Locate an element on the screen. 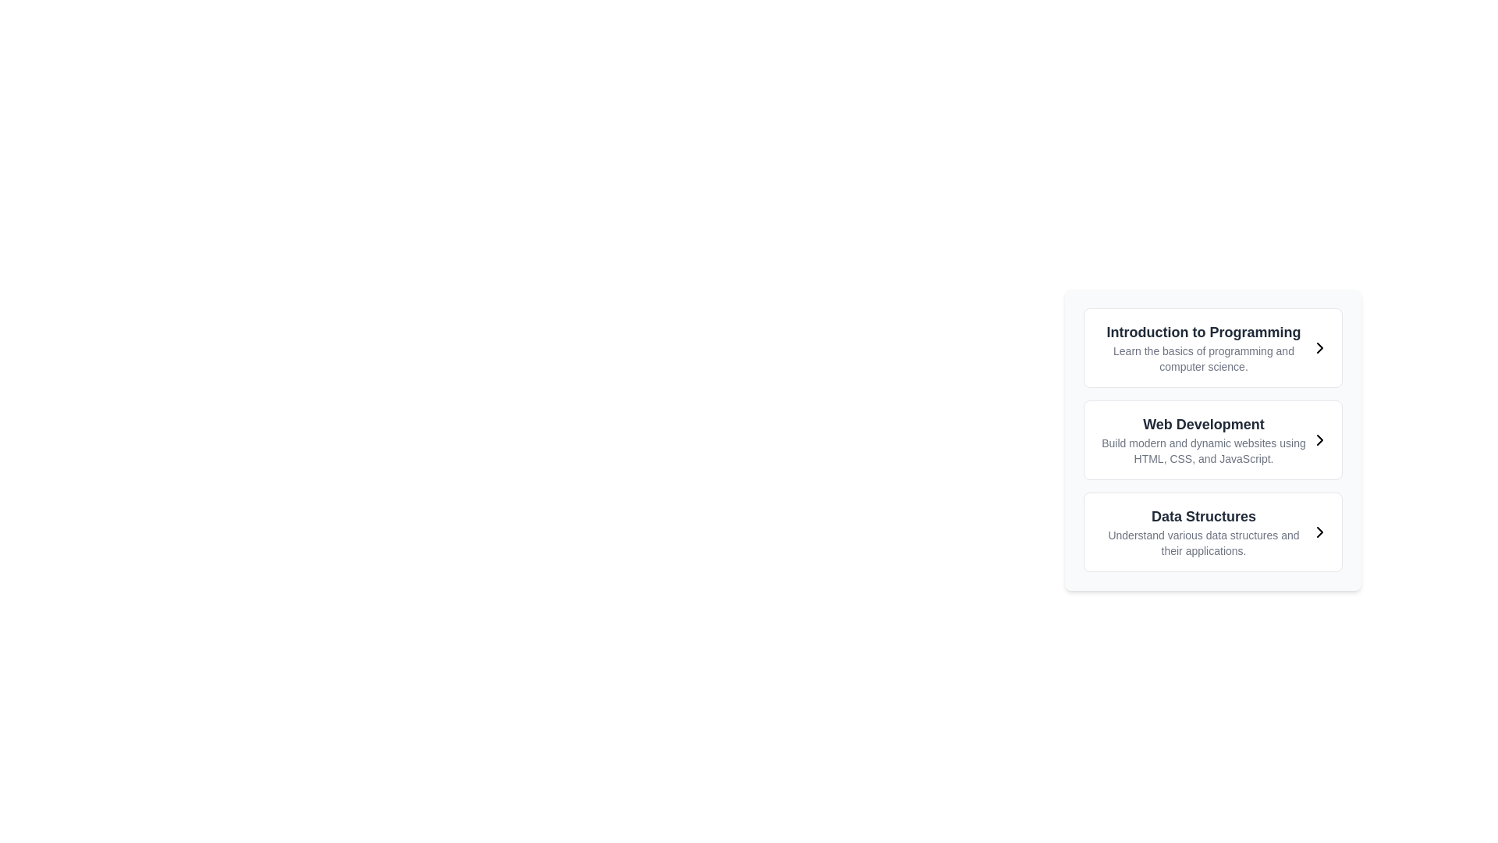 This screenshot has width=1498, height=843. the right-pointing arrow icon located at the far right of the tile labeled 'Data Structures' is located at coordinates (1319, 532).